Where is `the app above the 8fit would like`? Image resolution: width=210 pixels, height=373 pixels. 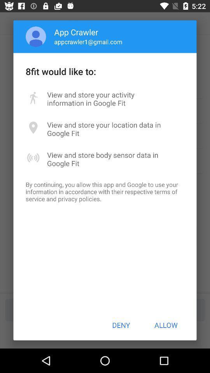 the app above the 8fit would like is located at coordinates (88, 42).